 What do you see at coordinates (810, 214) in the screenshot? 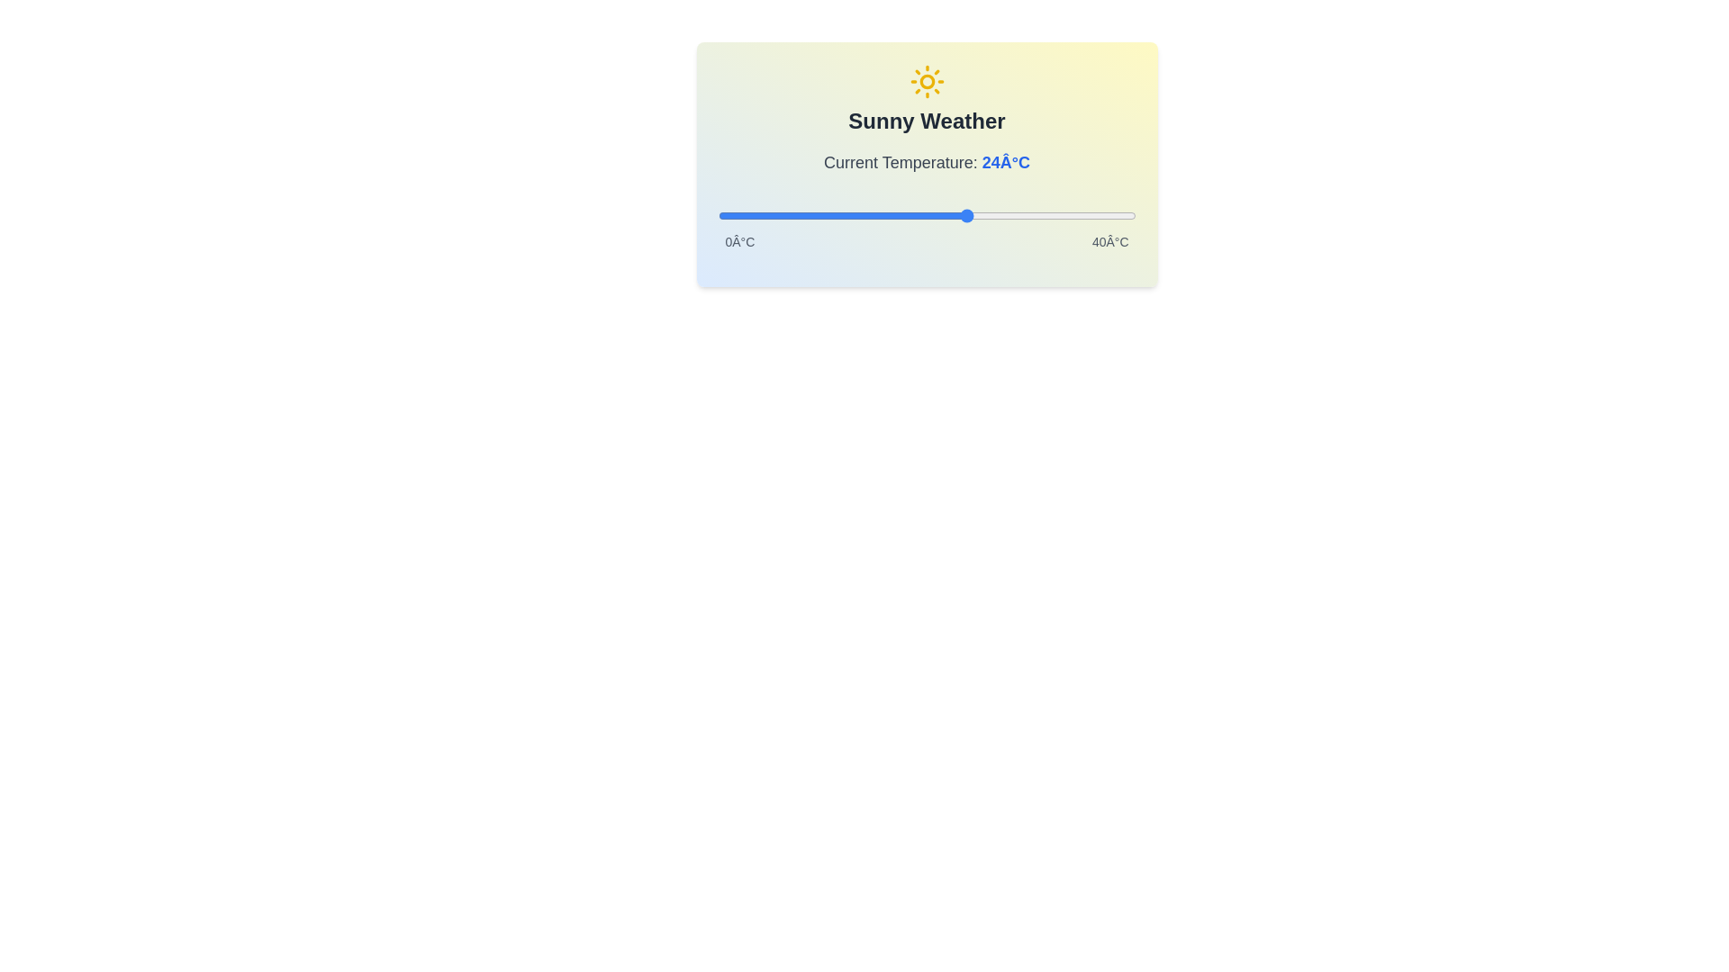
I see `the temperature` at bounding box center [810, 214].